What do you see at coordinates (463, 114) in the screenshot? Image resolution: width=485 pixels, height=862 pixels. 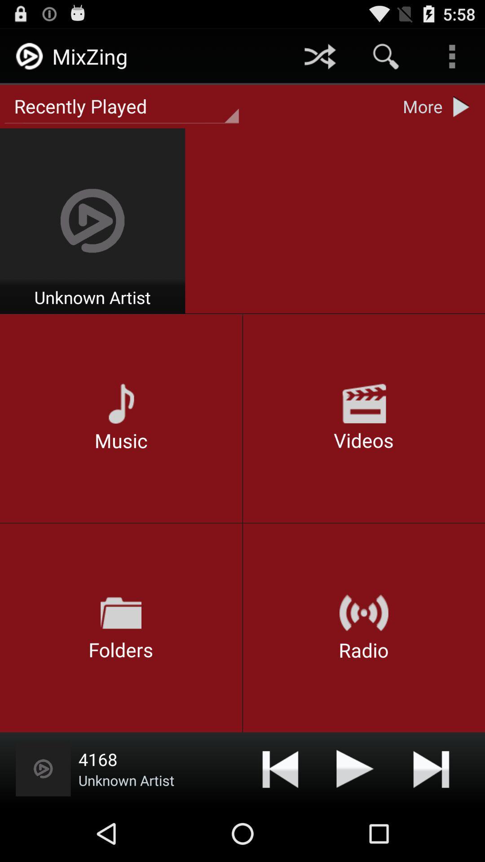 I see `the play icon` at bounding box center [463, 114].